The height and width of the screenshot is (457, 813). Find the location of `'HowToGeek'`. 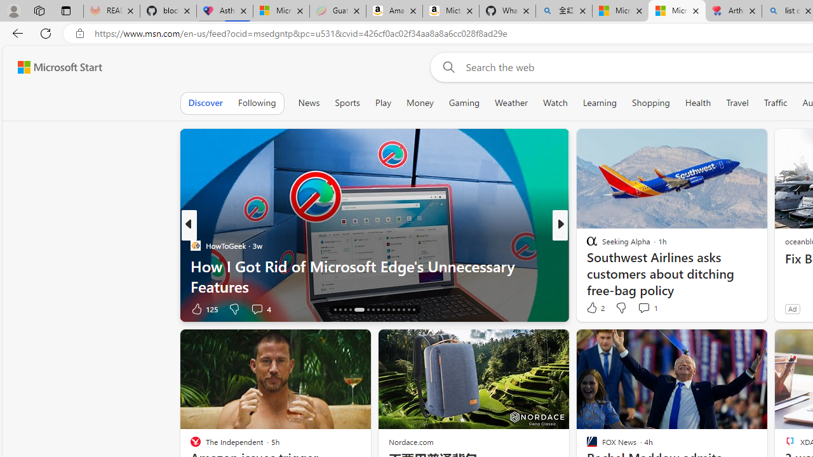

'HowToGeek' is located at coordinates (194, 246).